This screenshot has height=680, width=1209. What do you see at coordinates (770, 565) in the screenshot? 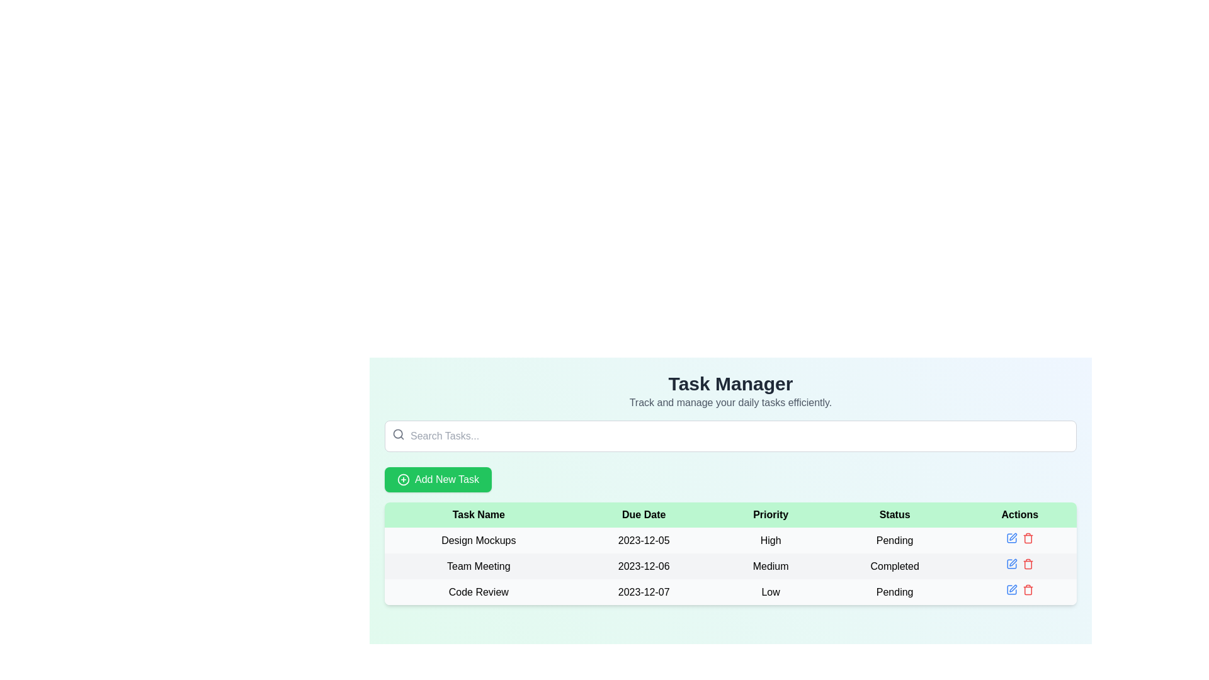
I see `the text label displaying 'Medium' in the 'Priority' column of the table, aligned with the 'Team Meeting' row` at bounding box center [770, 565].